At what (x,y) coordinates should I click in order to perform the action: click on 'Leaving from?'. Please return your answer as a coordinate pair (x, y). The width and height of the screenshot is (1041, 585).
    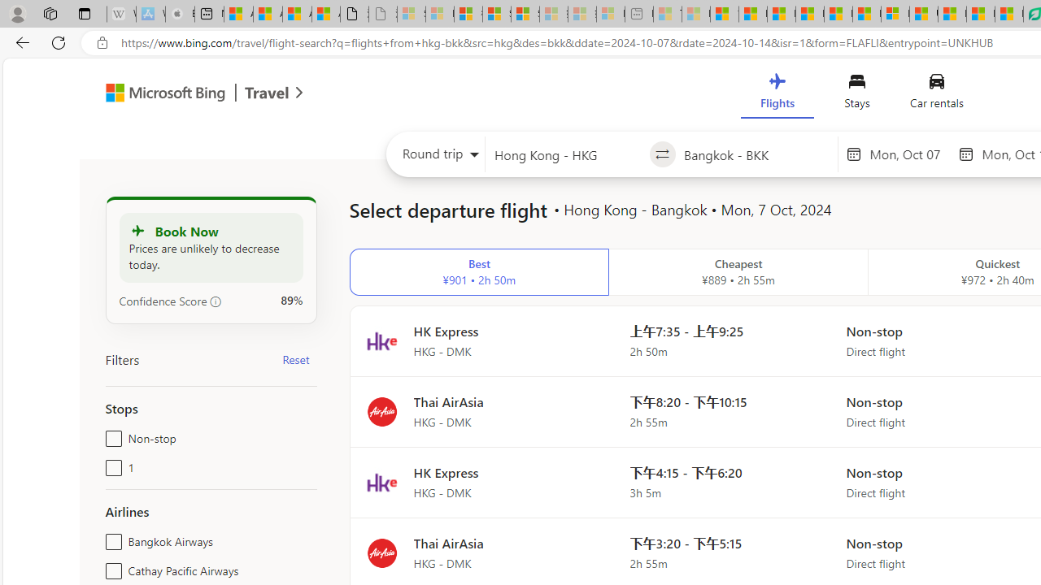
    Looking at the image, I should click on (567, 154).